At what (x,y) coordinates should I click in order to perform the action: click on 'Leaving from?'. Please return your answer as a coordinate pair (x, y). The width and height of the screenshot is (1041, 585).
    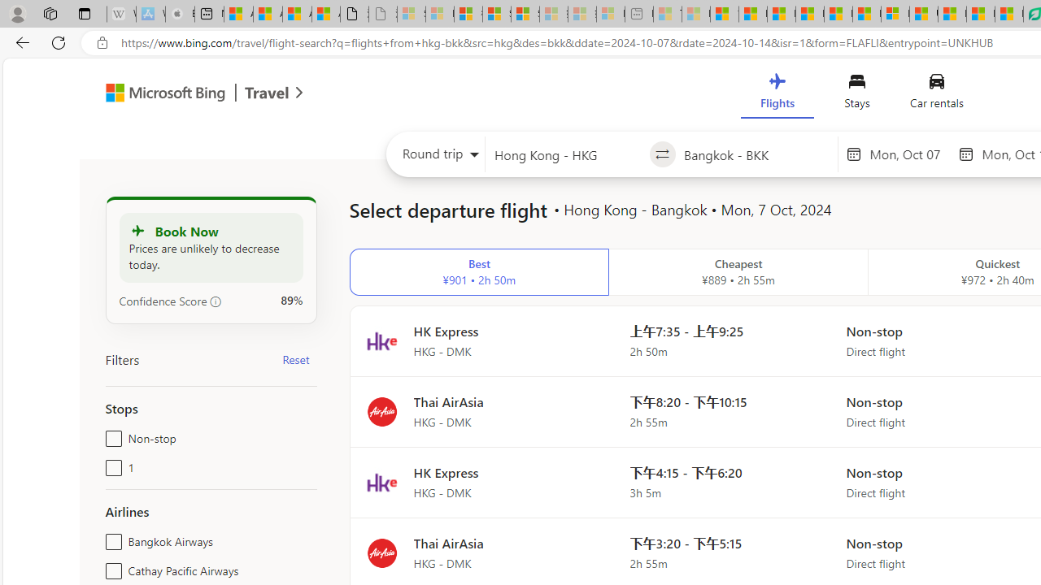
    Looking at the image, I should click on (567, 154).